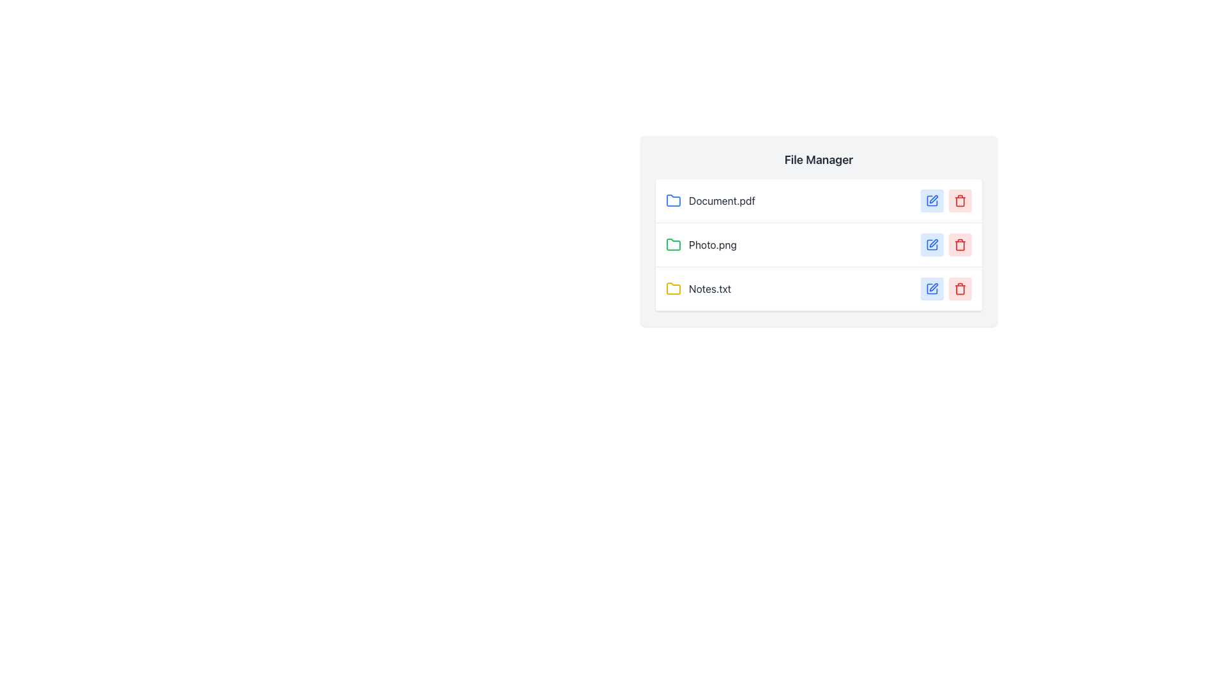 The height and width of the screenshot is (689, 1226). Describe the element at coordinates (700, 245) in the screenshot. I see `the text label 'Photo.png'` at that location.